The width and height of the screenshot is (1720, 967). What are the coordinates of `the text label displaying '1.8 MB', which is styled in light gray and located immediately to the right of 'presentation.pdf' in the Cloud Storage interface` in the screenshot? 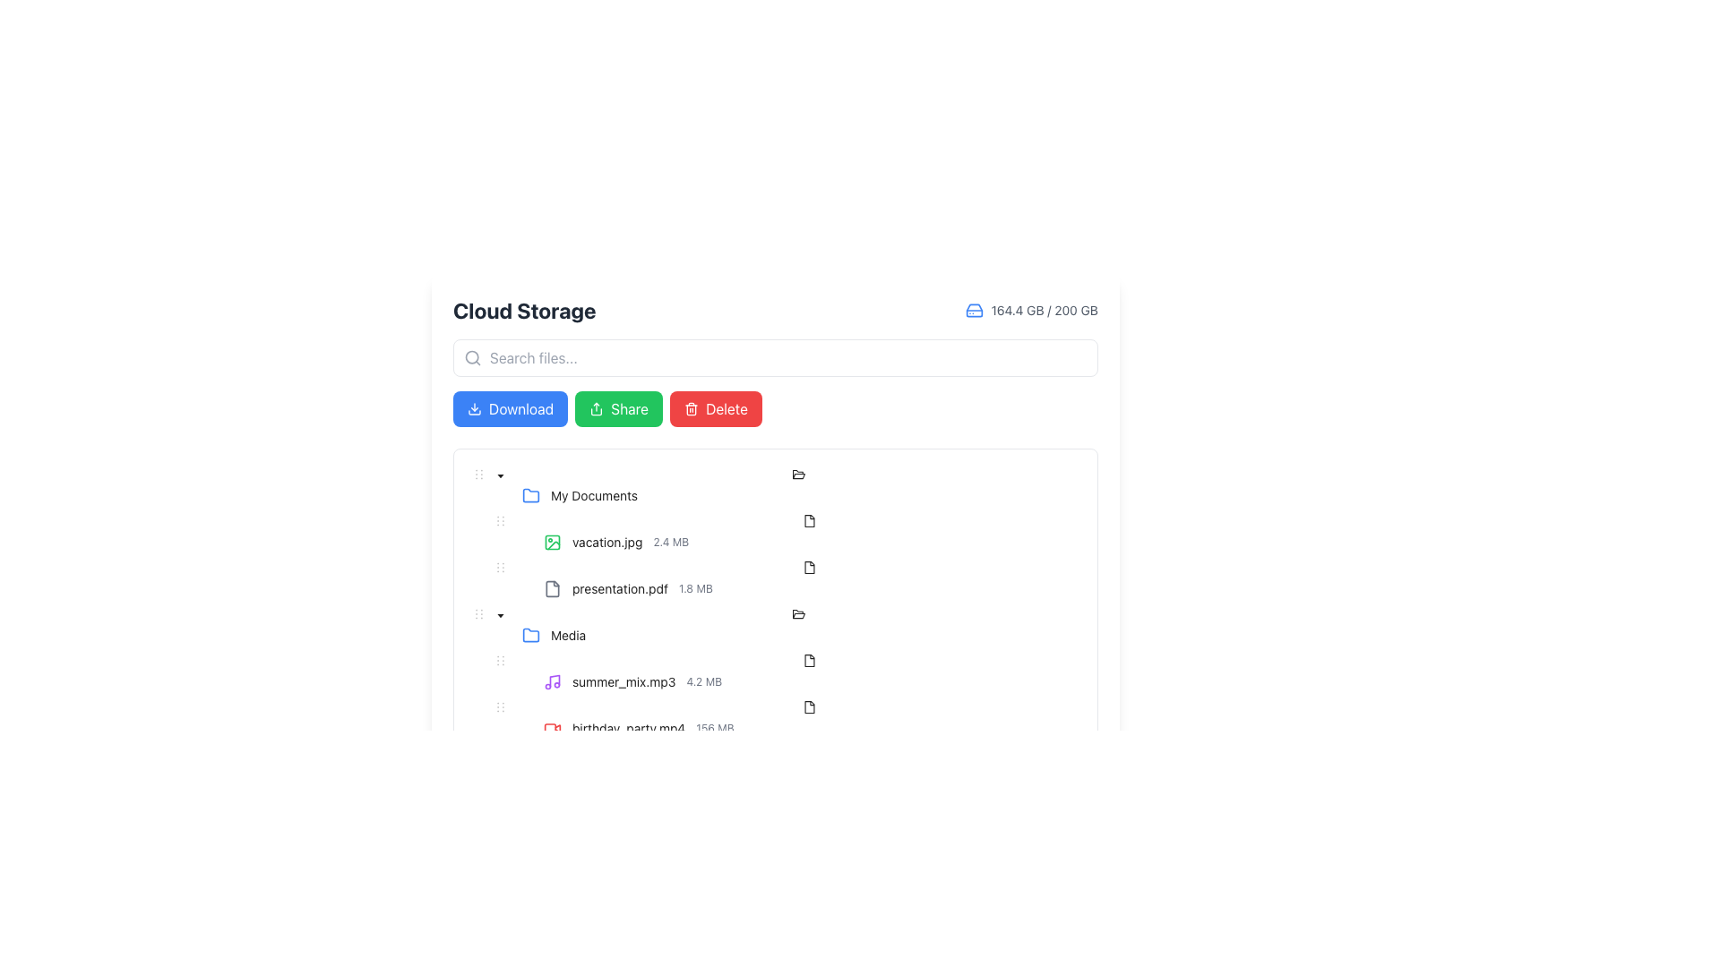 It's located at (694, 589).